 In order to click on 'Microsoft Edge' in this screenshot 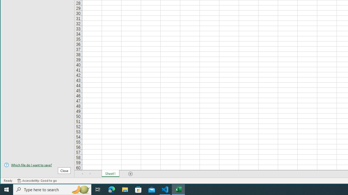, I will do `click(111, 189)`.